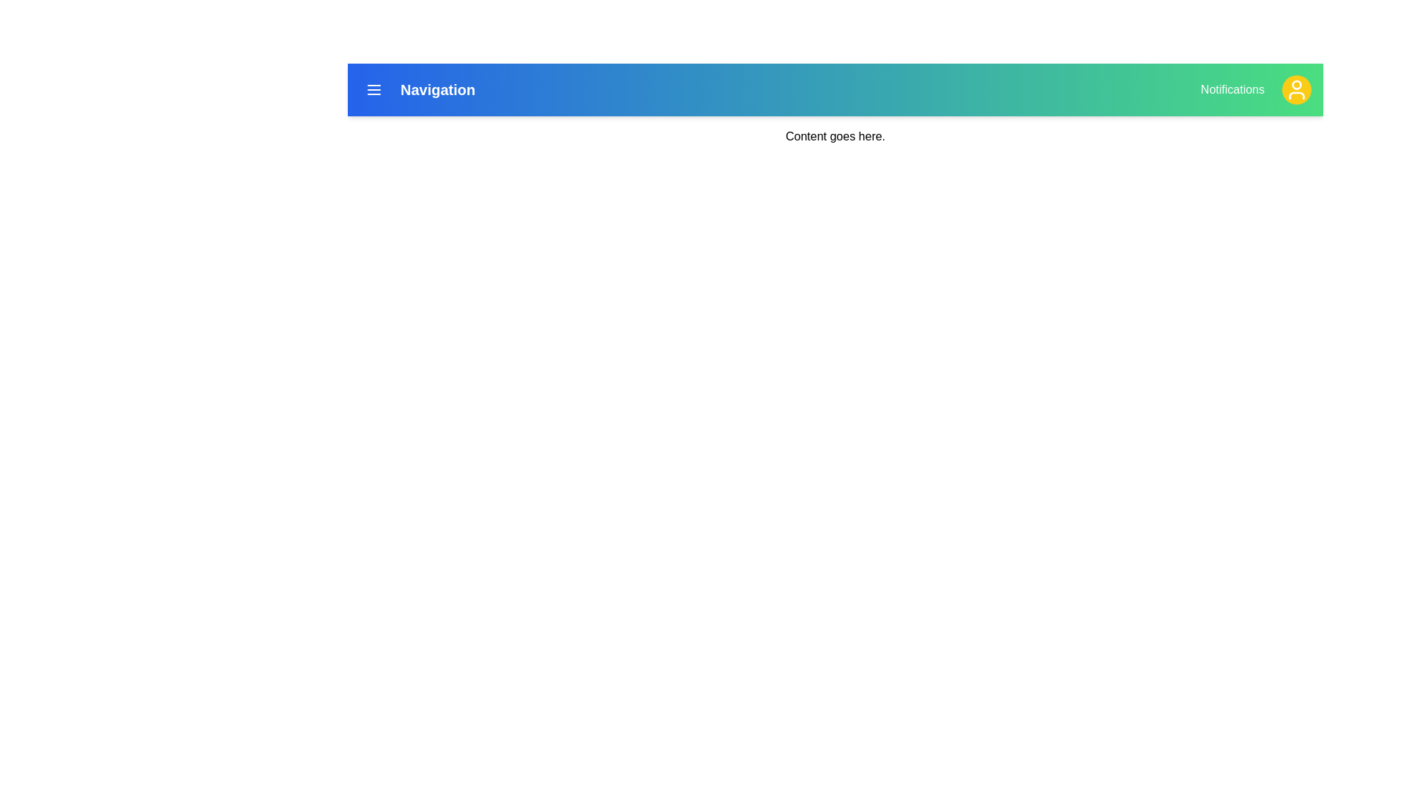 The height and width of the screenshot is (790, 1406). What do you see at coordinates (1297, 90) in the screenshot?
I see `the user avatar to view the user profile` at bounding box center [1297, 90].